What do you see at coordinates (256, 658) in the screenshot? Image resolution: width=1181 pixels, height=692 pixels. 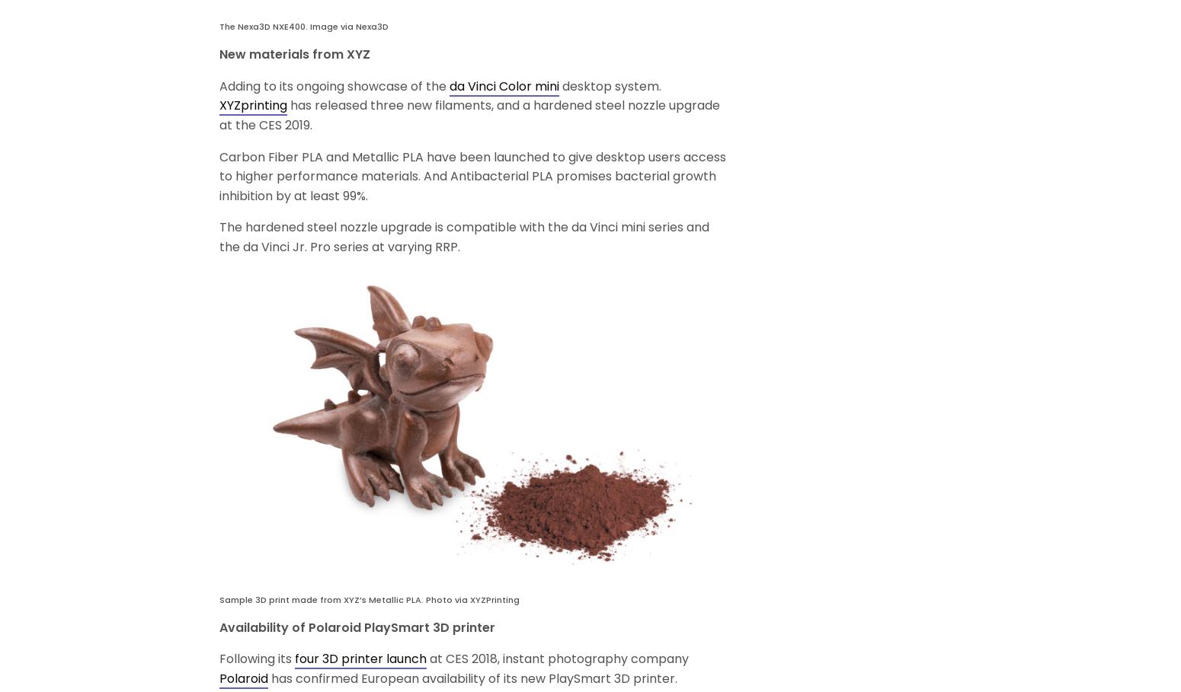 I see `'Following its'` at bounding box center [256, 658].